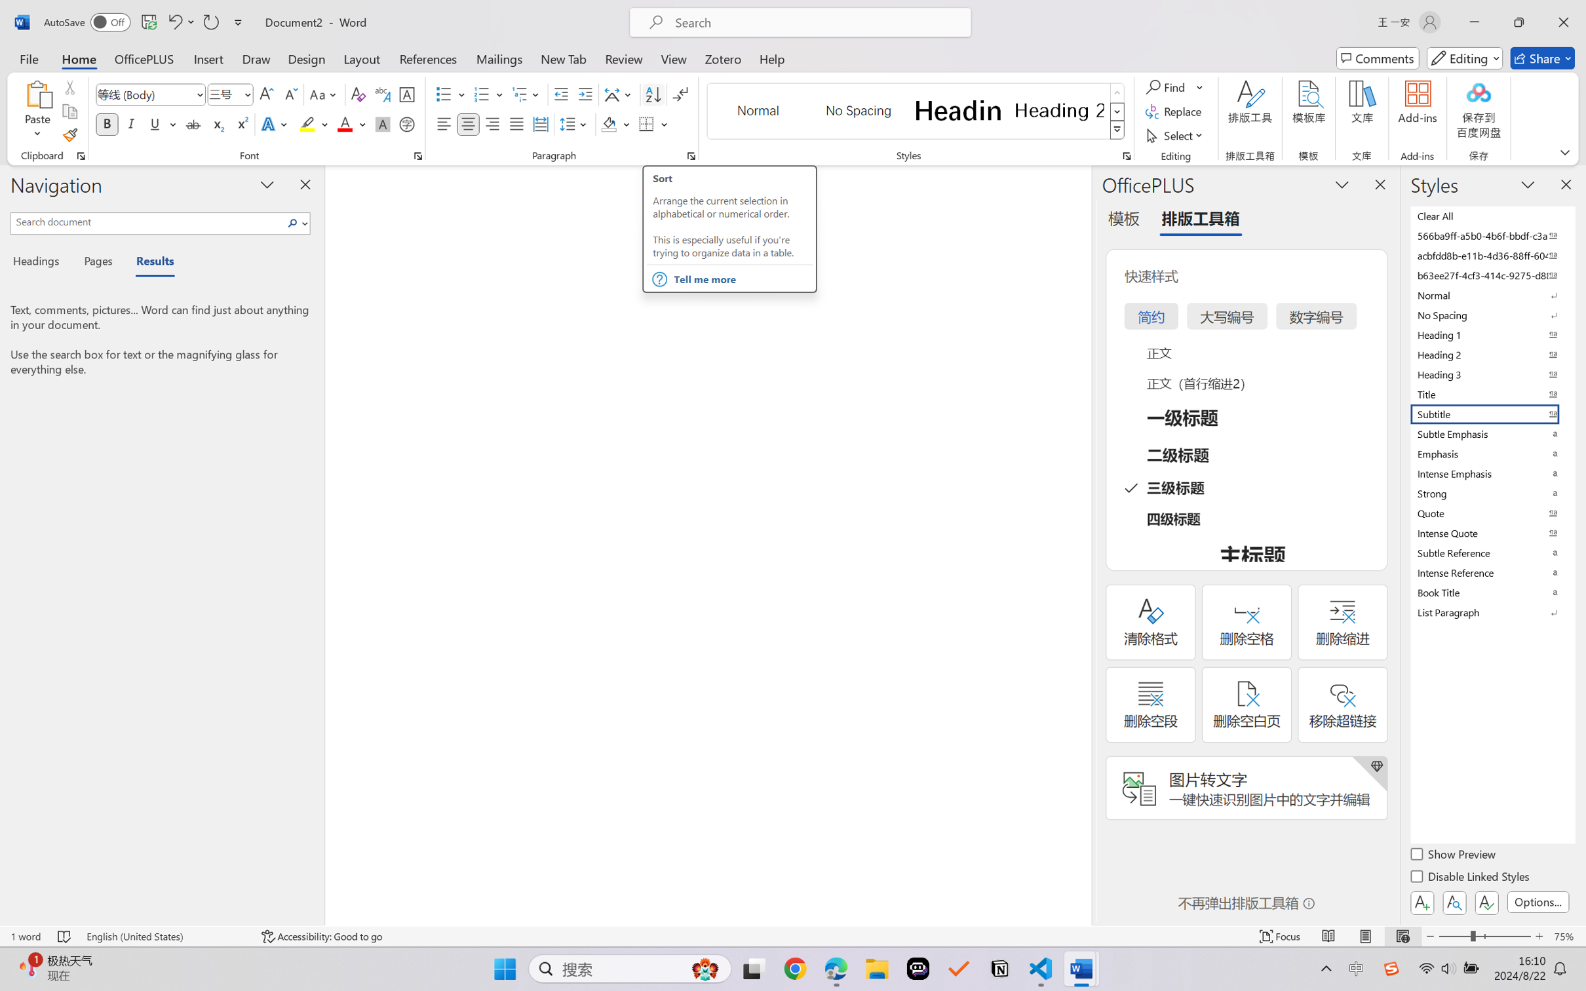 The width and height of the screenshot is (1586, 991). What do you see at coordinates (351, 123) in the screenshot?
I see `'Font Color'` at bounding box center [351, 123].